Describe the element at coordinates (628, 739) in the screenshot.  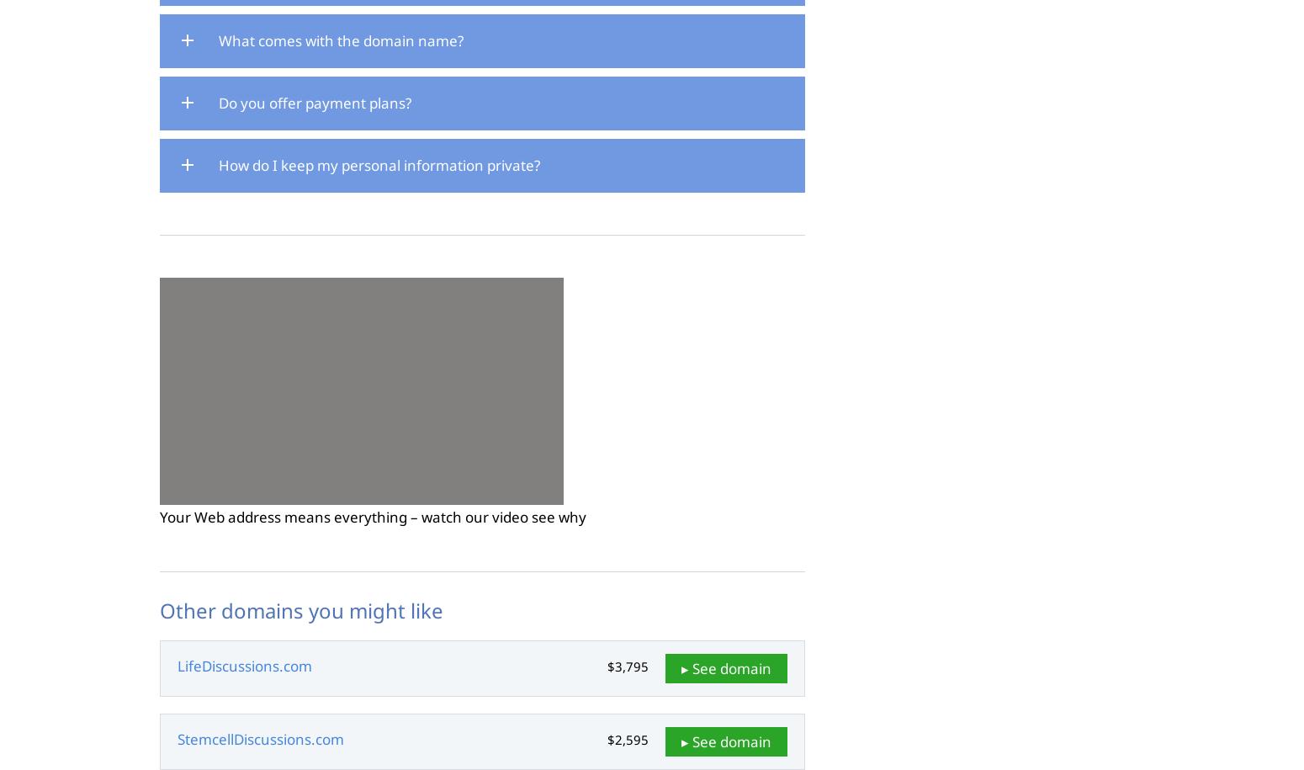
I see `'$2,595'` at that location.